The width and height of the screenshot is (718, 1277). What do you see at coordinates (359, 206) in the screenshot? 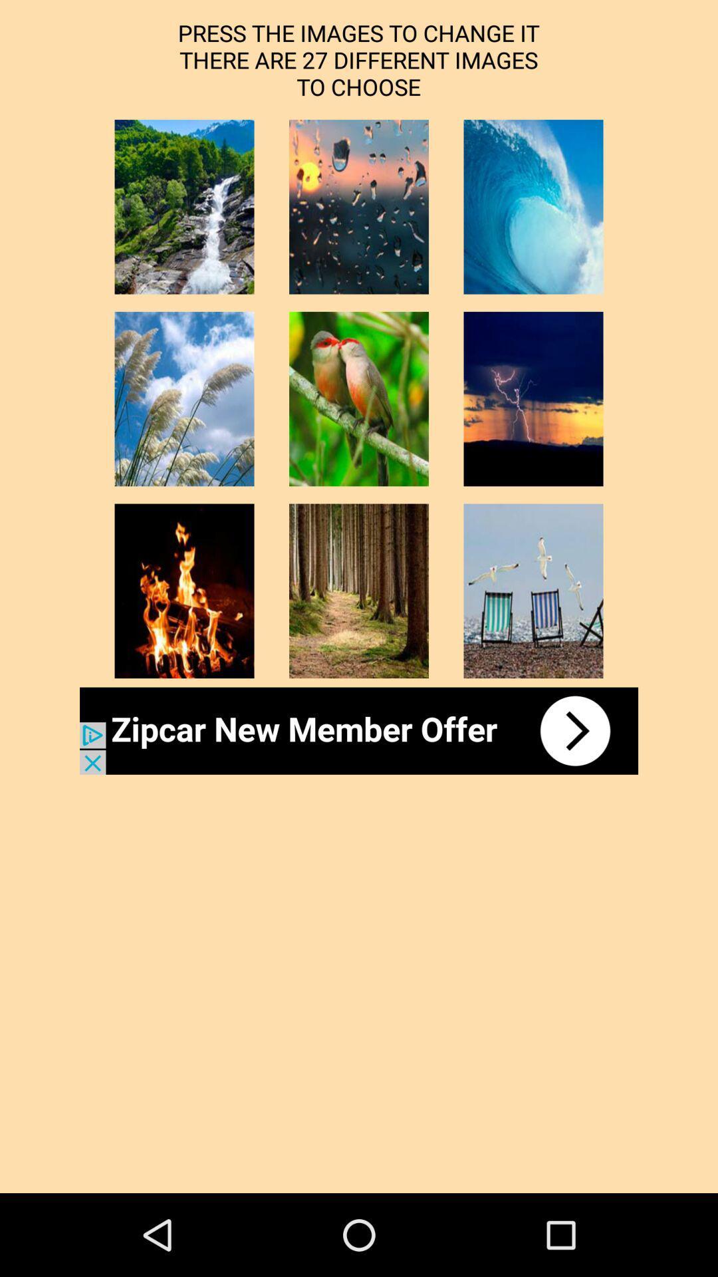
I see `change image` at bounding box center [359, 206].